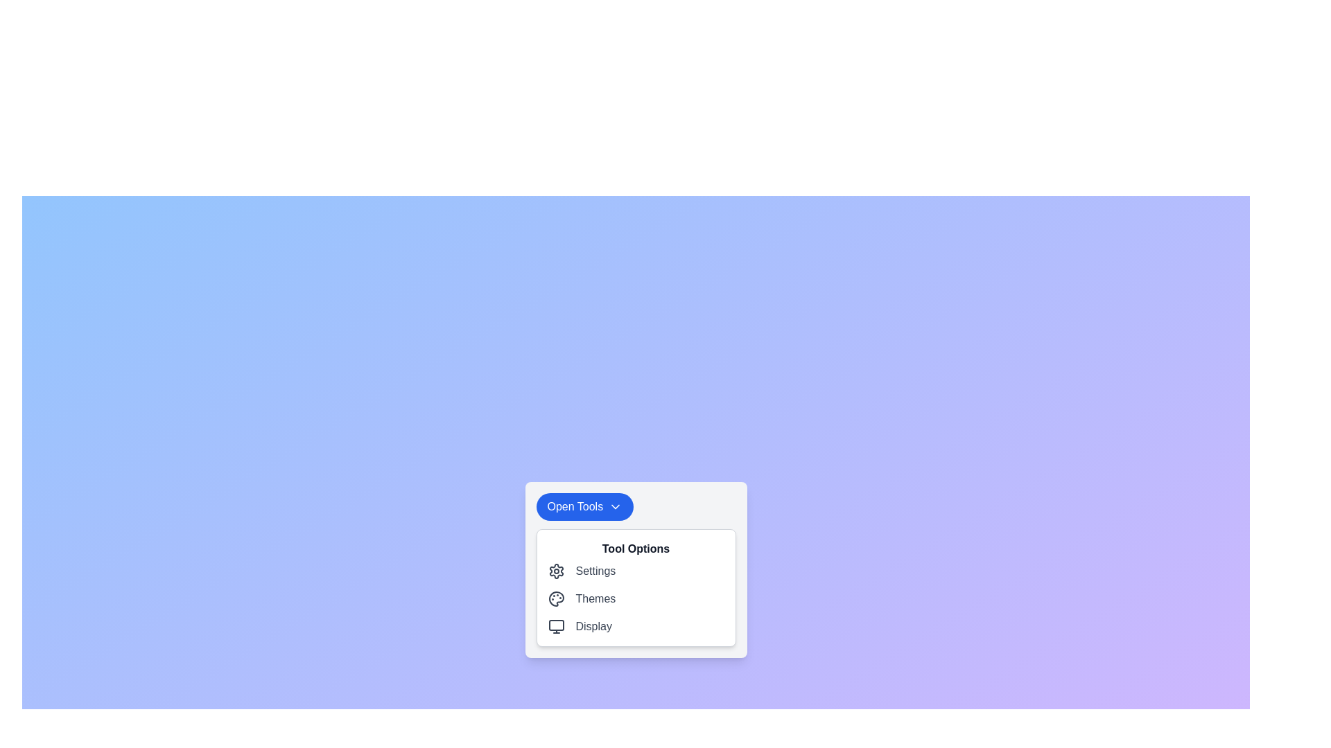 The height and width of the screenshot is (748, 1331). I want to click on the downward-pointing chevron icon within the 'Open Tools' button to indicate interactivity, so click(615, 507).